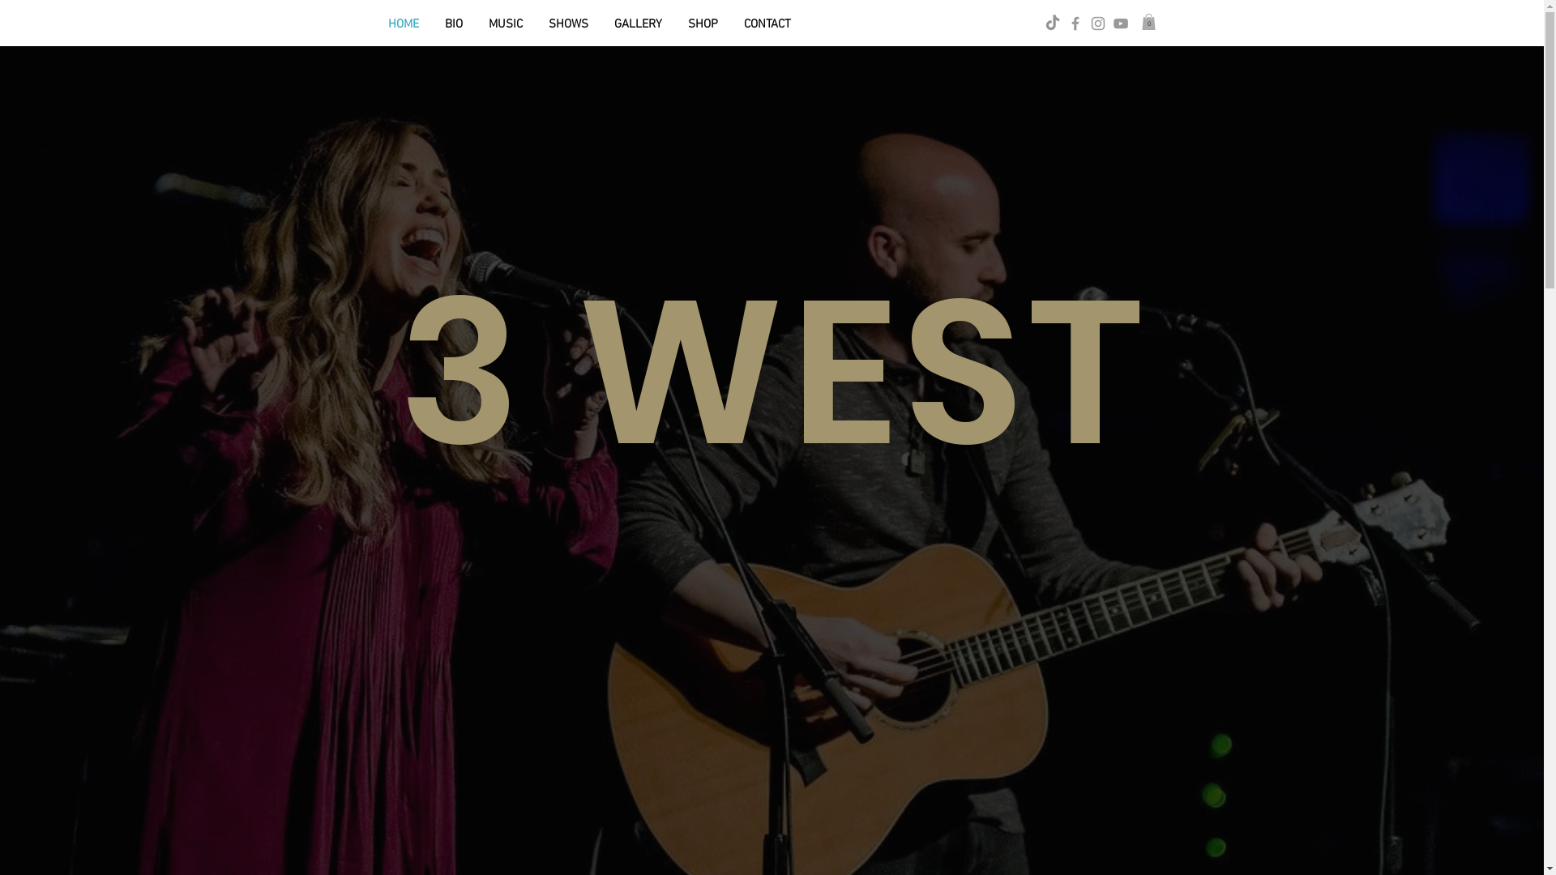  What do you see at coordinates (1147, 22) in the screenshot?
I see `'0'` at bounding box center [1147, 22].